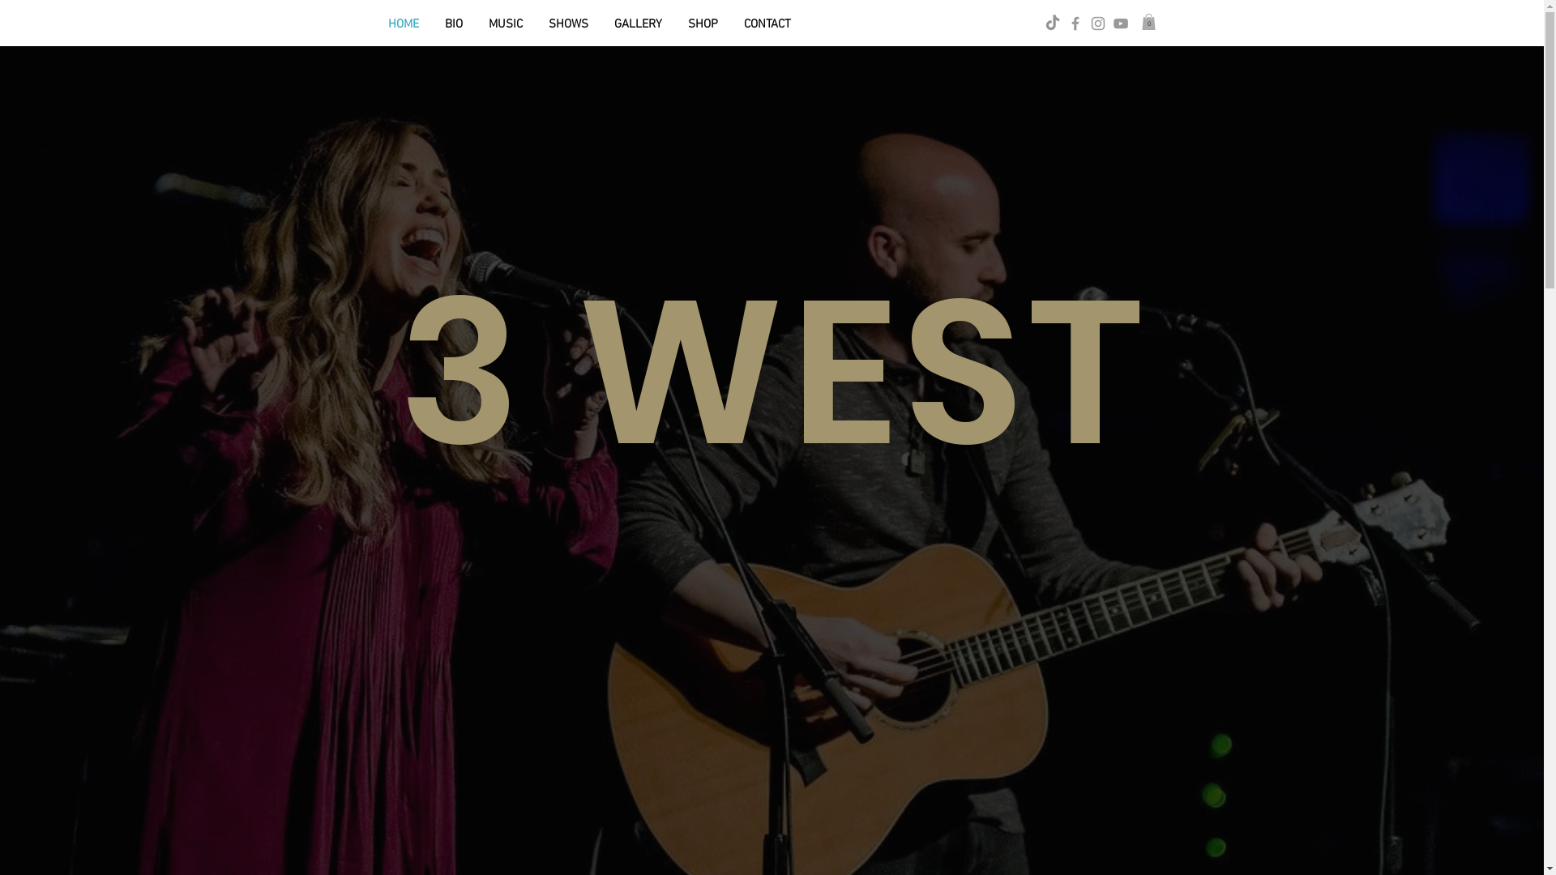  What do you see at coordinates (1147, 22) in the screenshot?
I see `'0'` at bounding box center [1147, 22].